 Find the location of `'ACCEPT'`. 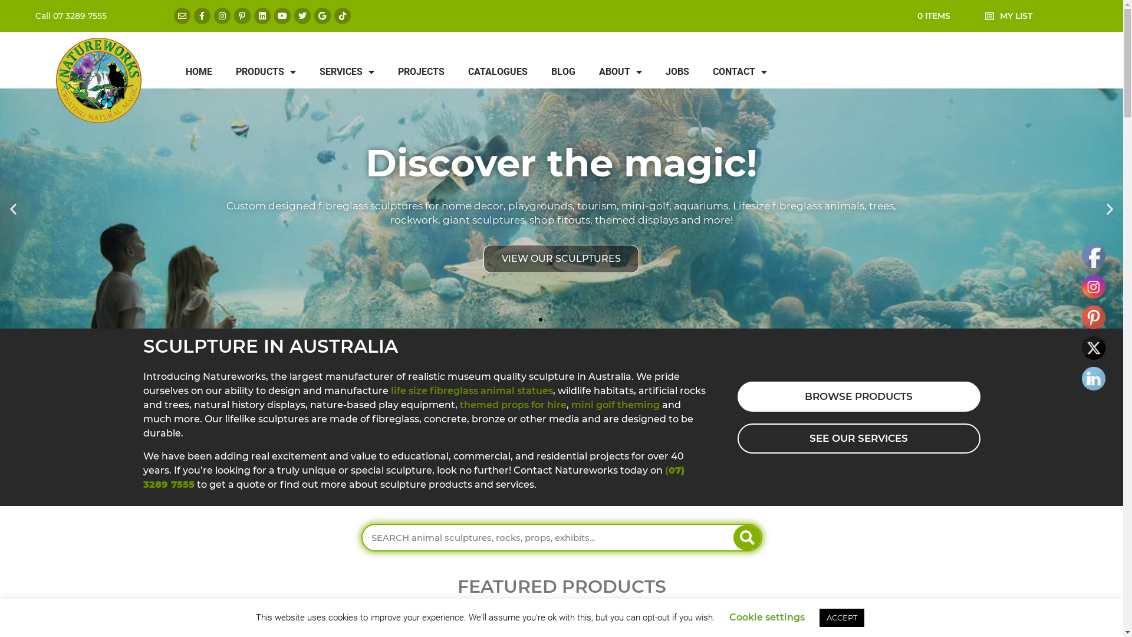

'ACCEPT' is located at coordinates (841, 617).